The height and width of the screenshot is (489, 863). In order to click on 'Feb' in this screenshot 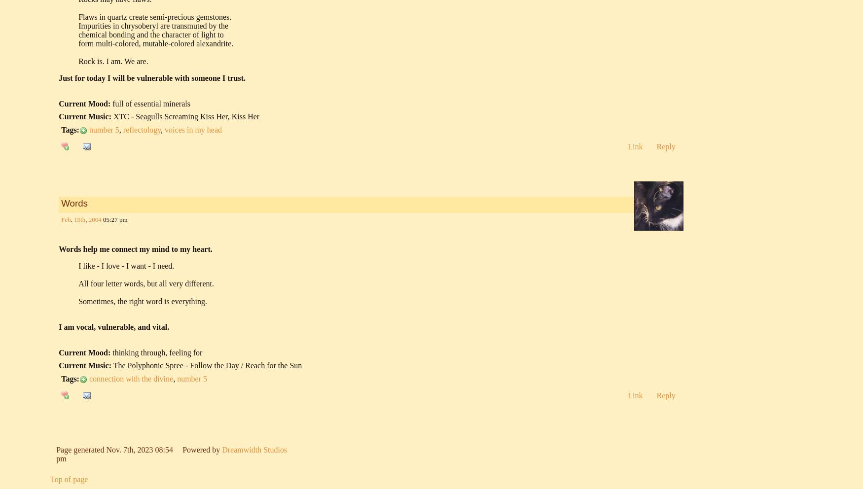, I will do `click(65, 219)`.